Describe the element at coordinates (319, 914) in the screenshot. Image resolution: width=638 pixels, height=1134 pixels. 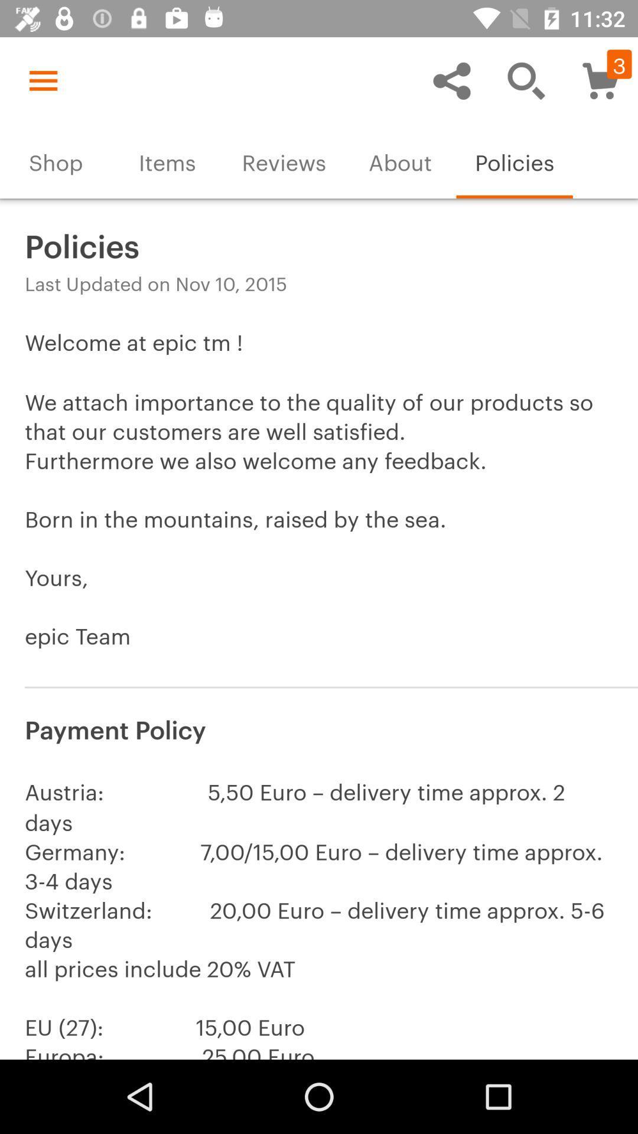
I see `item below the payment policy item` at that location.